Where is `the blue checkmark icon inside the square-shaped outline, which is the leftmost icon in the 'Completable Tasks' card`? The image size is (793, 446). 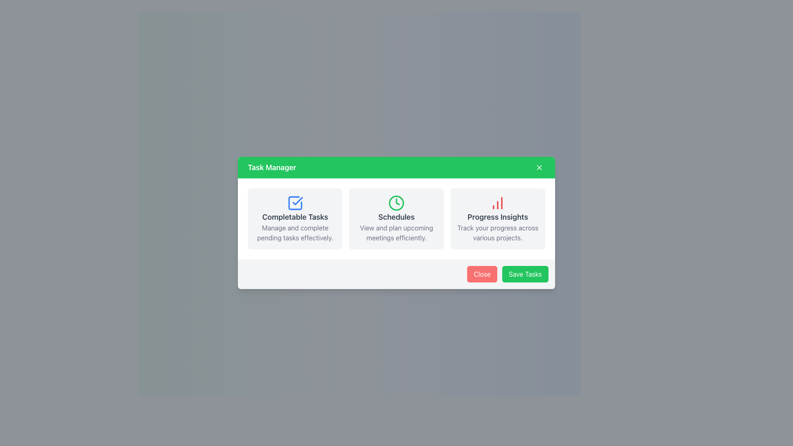
the blue checkmark icon inside the square-shaped outline, which is the leftmost icon in the 'Completable Tasks' card is located at coordinates (295, 203).